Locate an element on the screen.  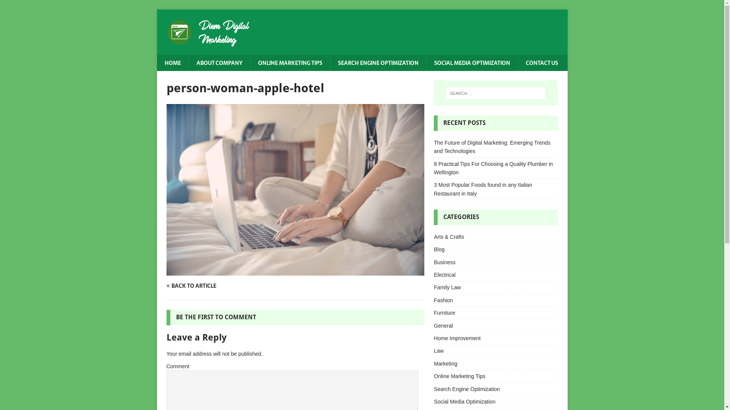
'Family Law' is located at coordinates (496, 287).